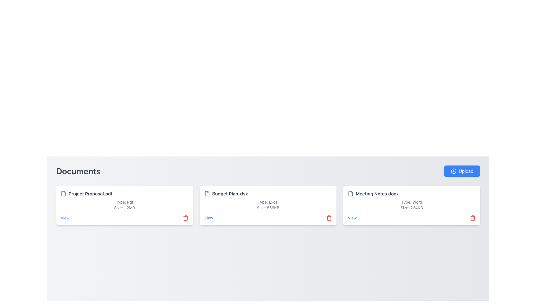 This screenshot has height=305, width=542. I want to click on the 'View' link in blue text located at the bottom-left corner of the file card for 'Project Proposal.pdf', so click(65, 217).